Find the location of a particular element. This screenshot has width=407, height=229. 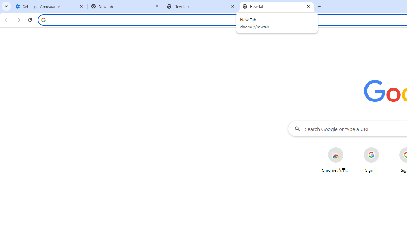

'Settings - Appearance' is located at coordinates (49, 6).